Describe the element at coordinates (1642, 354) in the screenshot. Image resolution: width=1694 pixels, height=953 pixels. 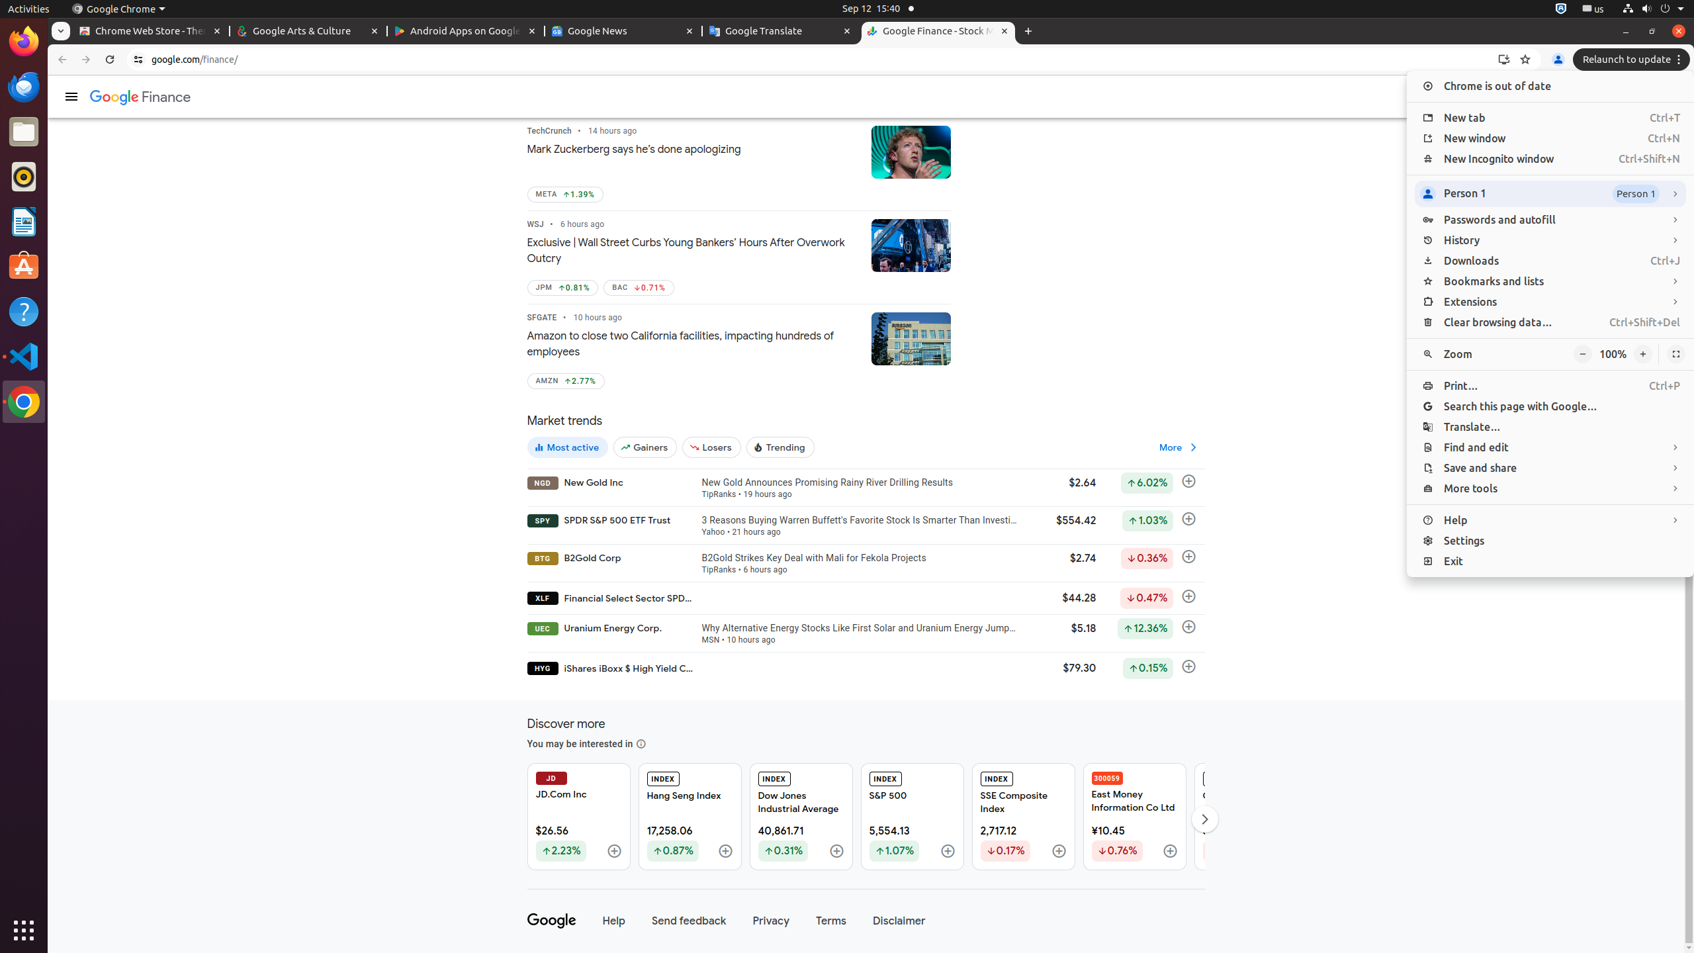
I see `'Make Text Larger'` at that location.